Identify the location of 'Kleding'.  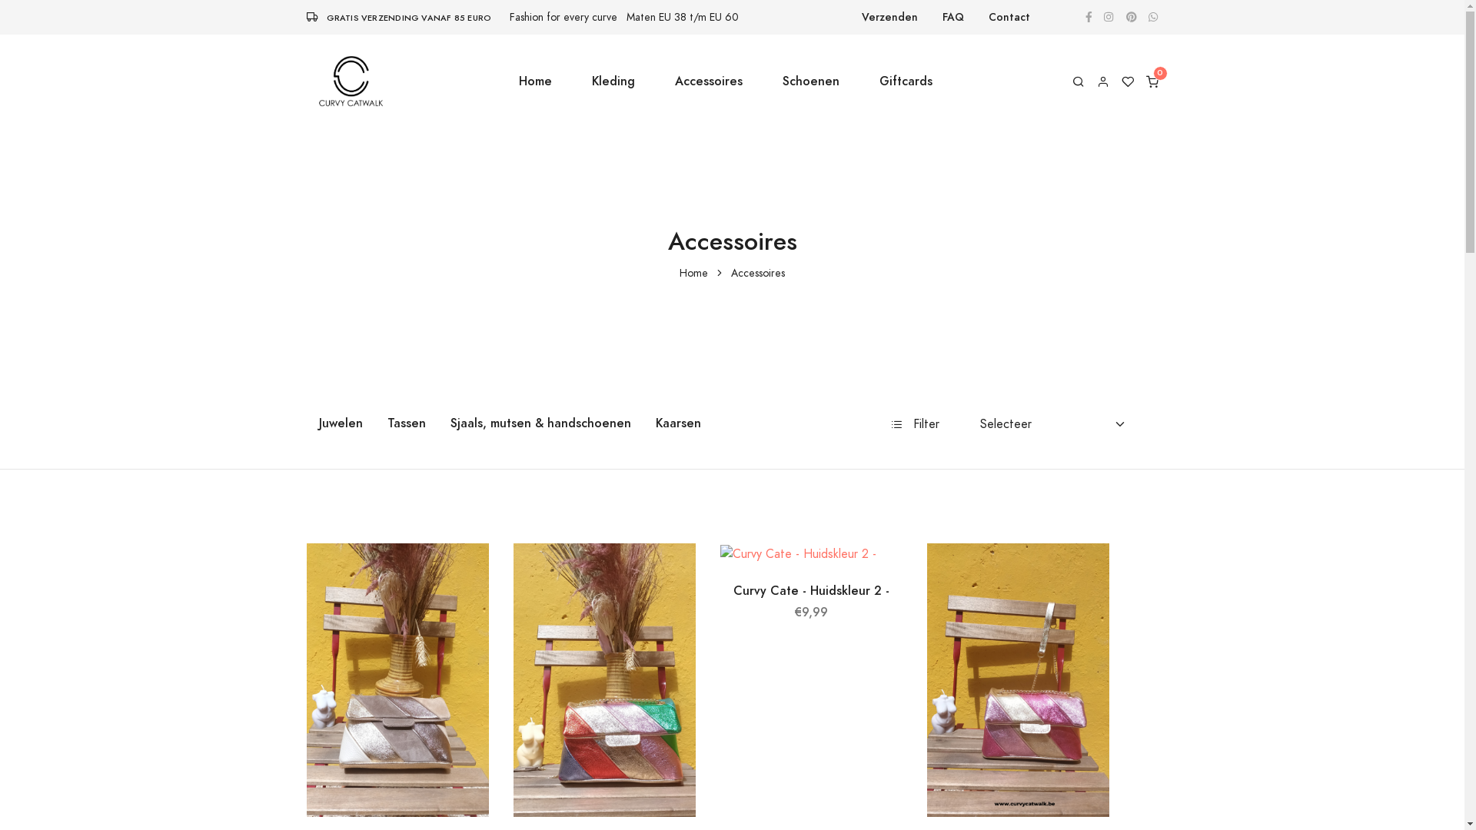
(612, 81).